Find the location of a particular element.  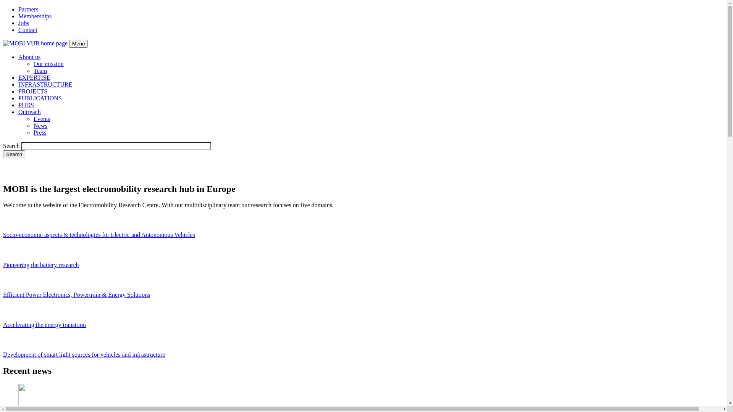

'Pioneering the battery research' is located at coordinates (40, 264).